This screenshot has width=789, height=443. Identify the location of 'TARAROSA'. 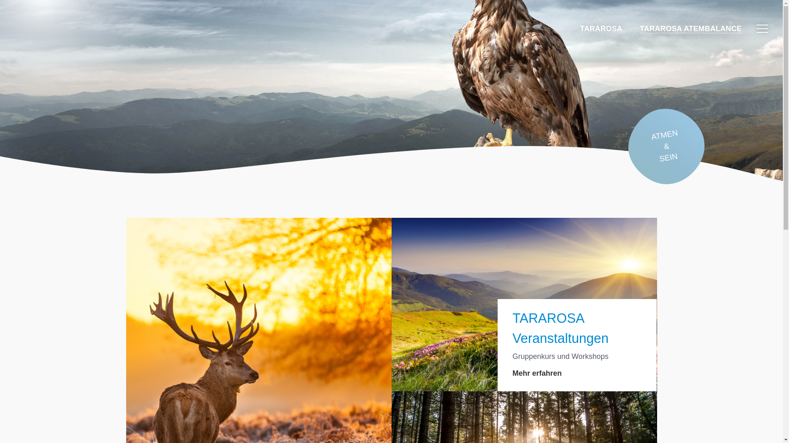
(579, 28).